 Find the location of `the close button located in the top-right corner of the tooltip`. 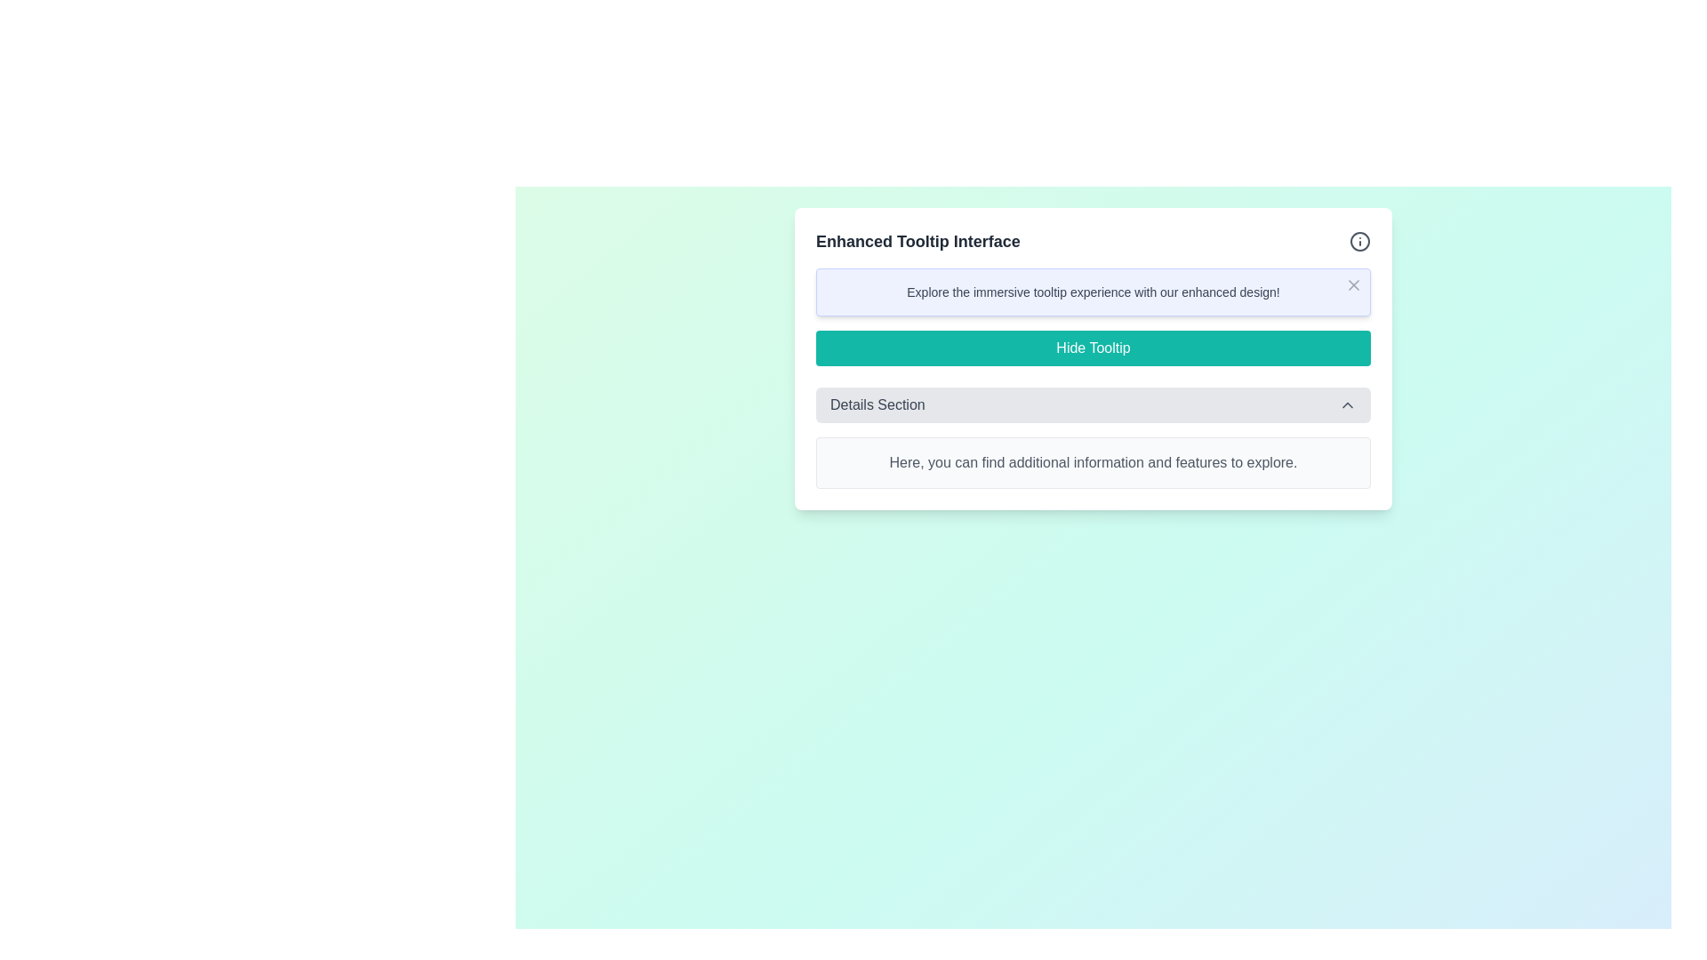

the close button located in the top-right corner of the tooltip is located at coordinates (1352, 284).